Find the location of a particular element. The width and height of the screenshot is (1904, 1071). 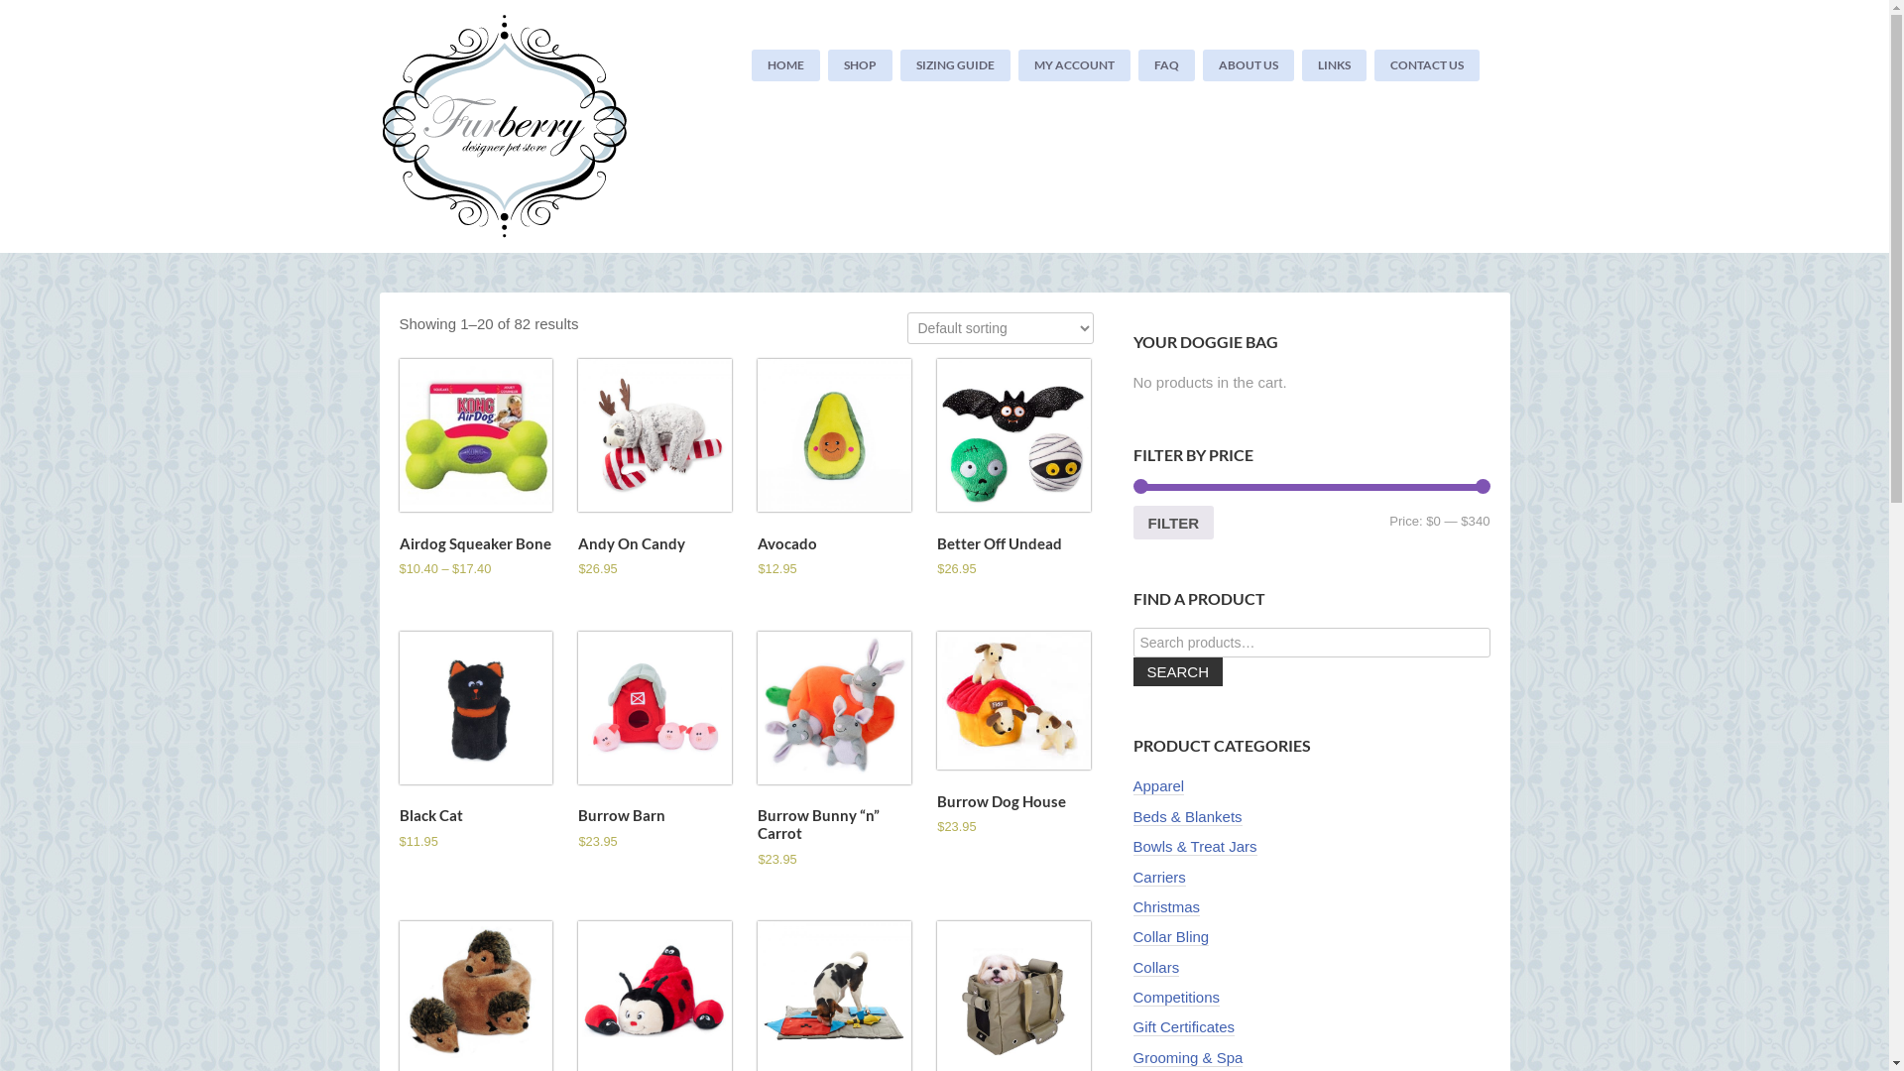

'Gift Certificates' is located at coordinates (1183, 1026).